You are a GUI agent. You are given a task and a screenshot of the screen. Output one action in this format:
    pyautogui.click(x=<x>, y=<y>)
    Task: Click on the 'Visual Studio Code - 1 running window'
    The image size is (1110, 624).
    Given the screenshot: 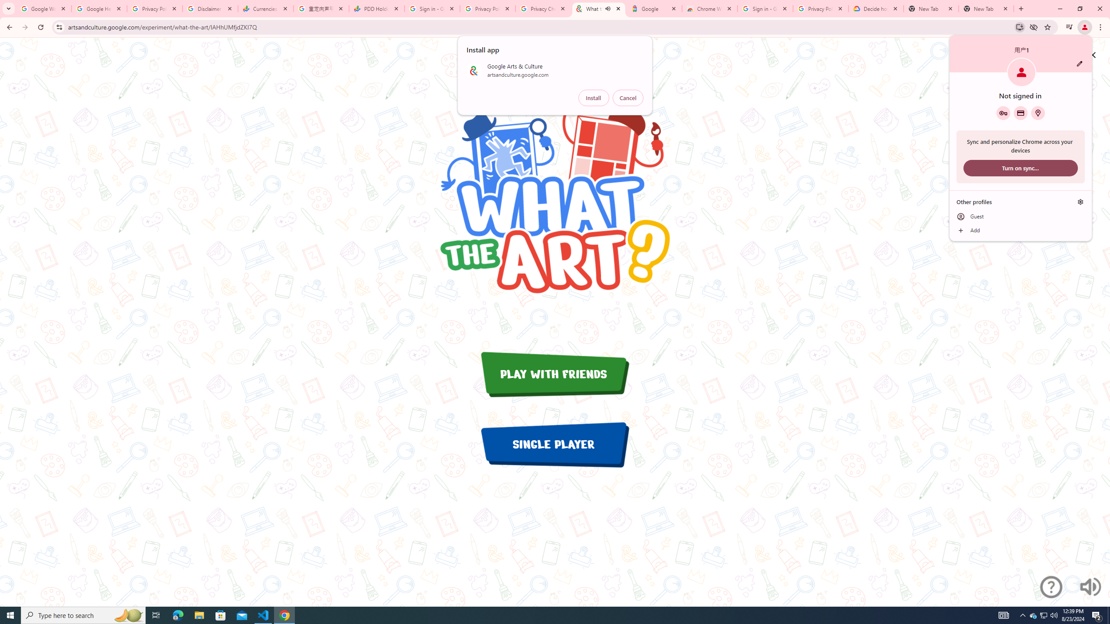 What is the action you would take?
    pyautogui.click(x=263, y=614)
    